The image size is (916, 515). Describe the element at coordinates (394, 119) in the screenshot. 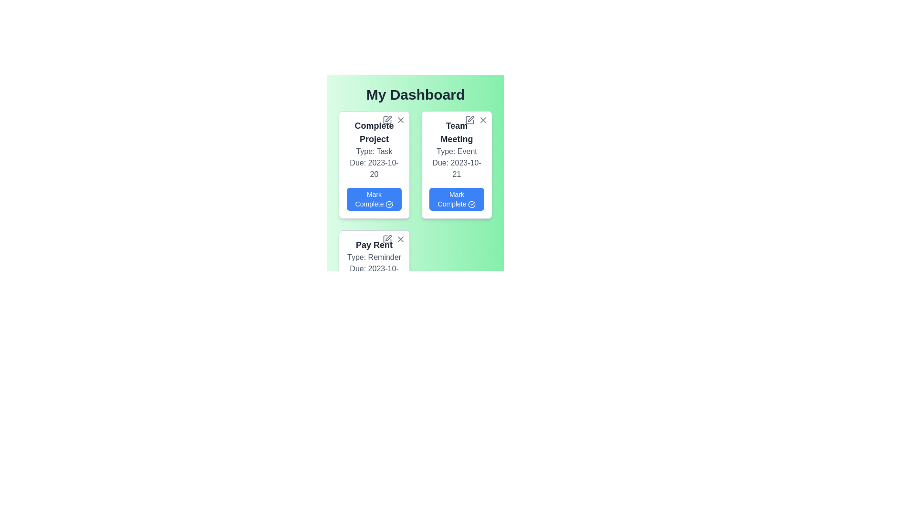

I see `the icon group located in the top right corner of the 'Complete Project' card` at that location.